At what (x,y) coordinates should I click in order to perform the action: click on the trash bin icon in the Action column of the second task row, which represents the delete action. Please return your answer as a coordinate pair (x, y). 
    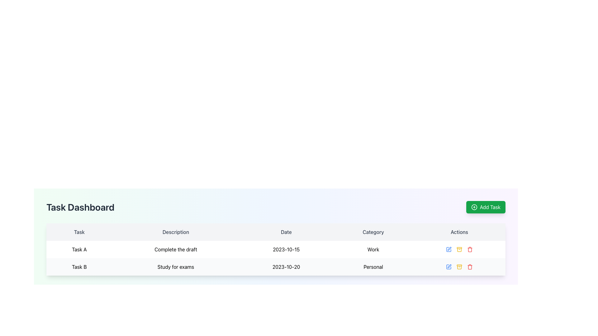
    Looking at the image, I should click on (470, 267).